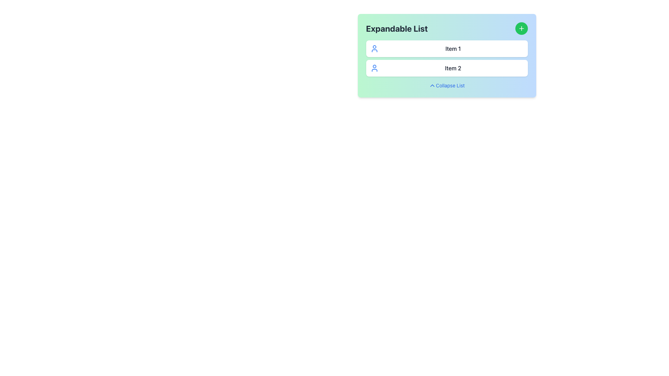 This screenshot has height=376, width=669. I want to click on the icon representing 'Item 1' in the list located to the left of the text in the expandable section, so click(374, 48).